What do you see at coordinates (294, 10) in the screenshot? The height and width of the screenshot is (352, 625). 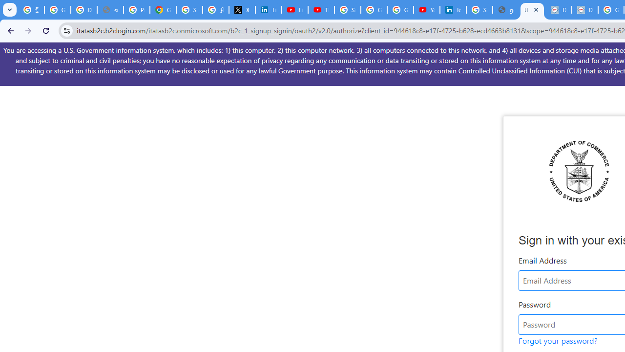 I see `'LinkedIn - YouTube'` at bounding box center [294, 10].